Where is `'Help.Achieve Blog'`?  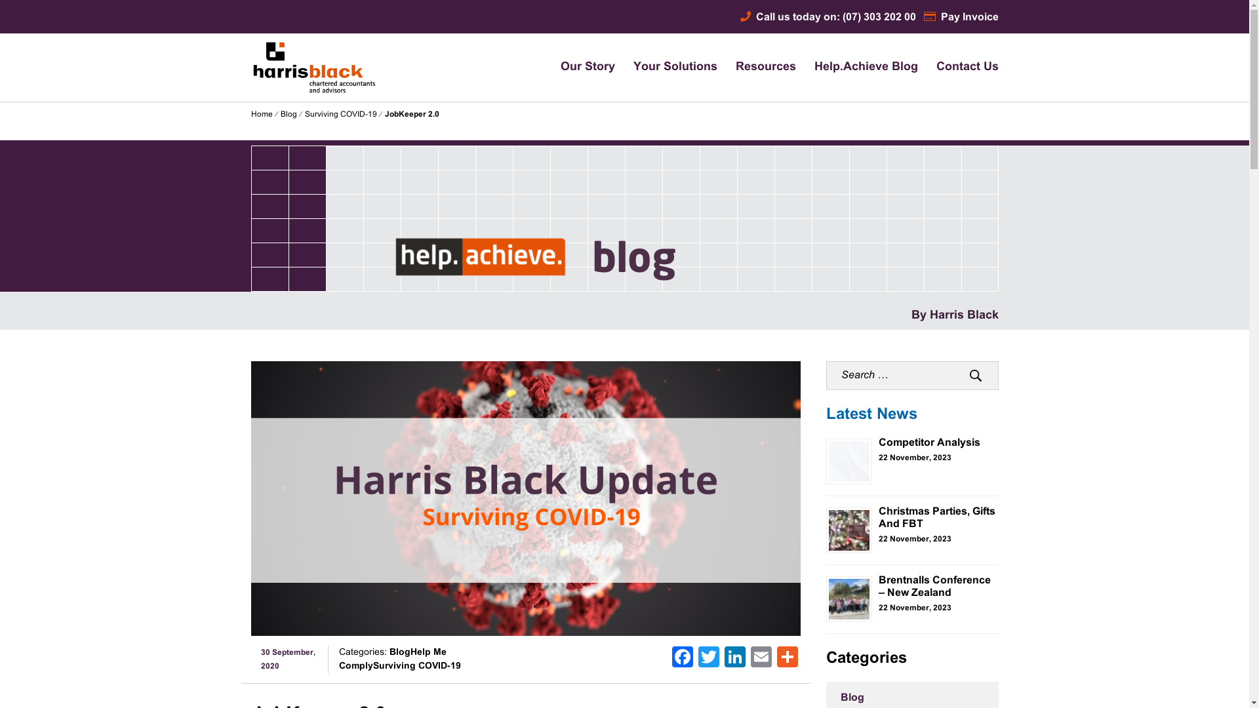 'Help.Achieve Blog' is located at coordinates (814, 68).